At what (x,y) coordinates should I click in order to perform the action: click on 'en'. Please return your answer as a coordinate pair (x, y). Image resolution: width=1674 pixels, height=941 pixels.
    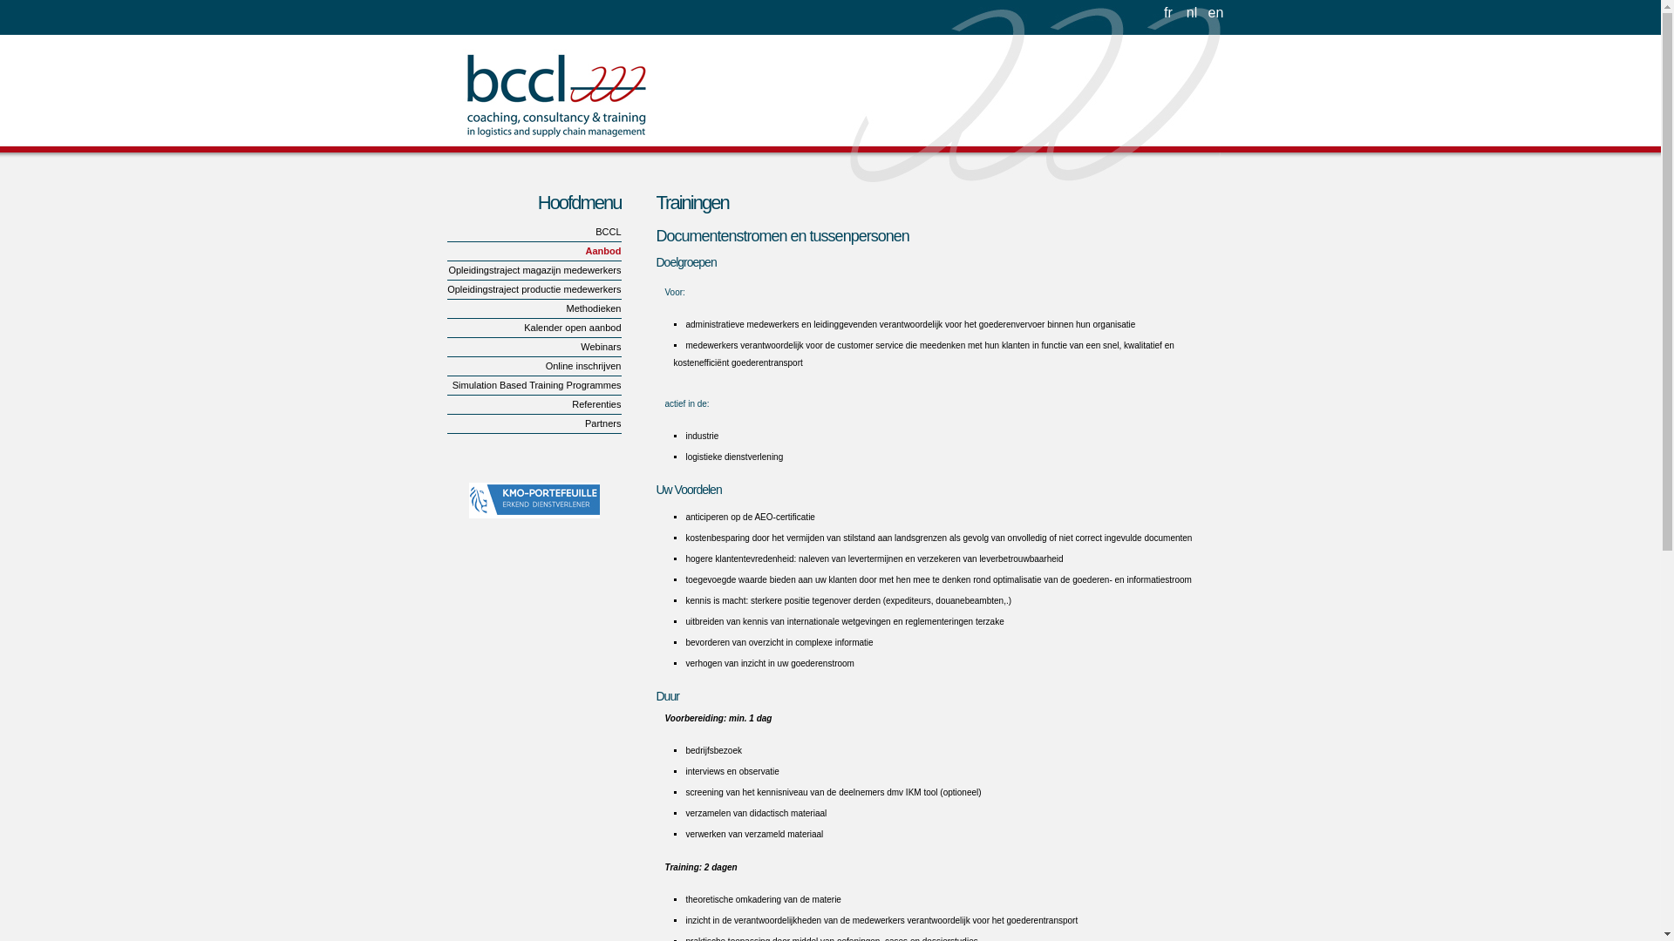
    Looking at the image, I should click on (1215, 10).